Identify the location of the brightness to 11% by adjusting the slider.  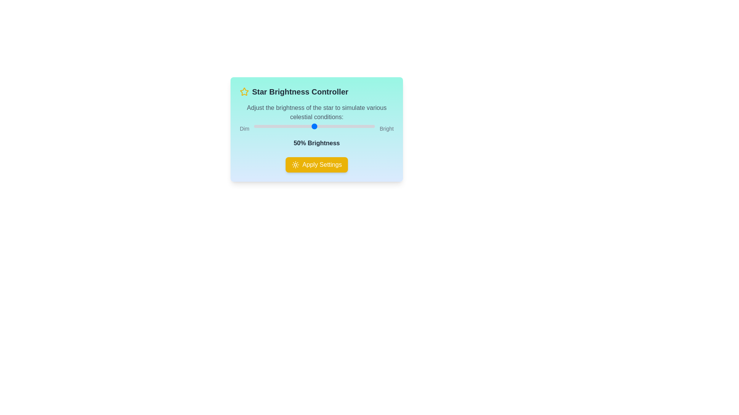
(267, 126).